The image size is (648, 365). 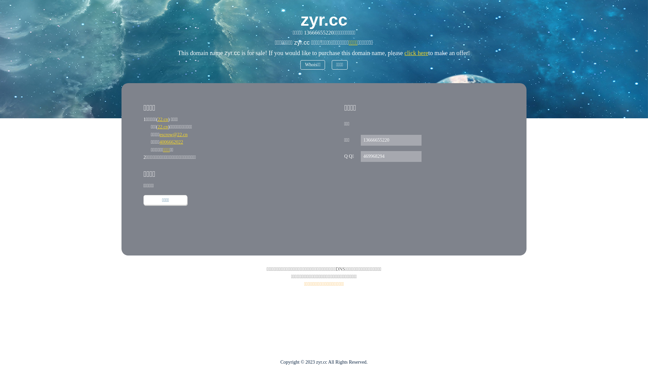 I want to click on 'click here', so click(x=416, y=53).